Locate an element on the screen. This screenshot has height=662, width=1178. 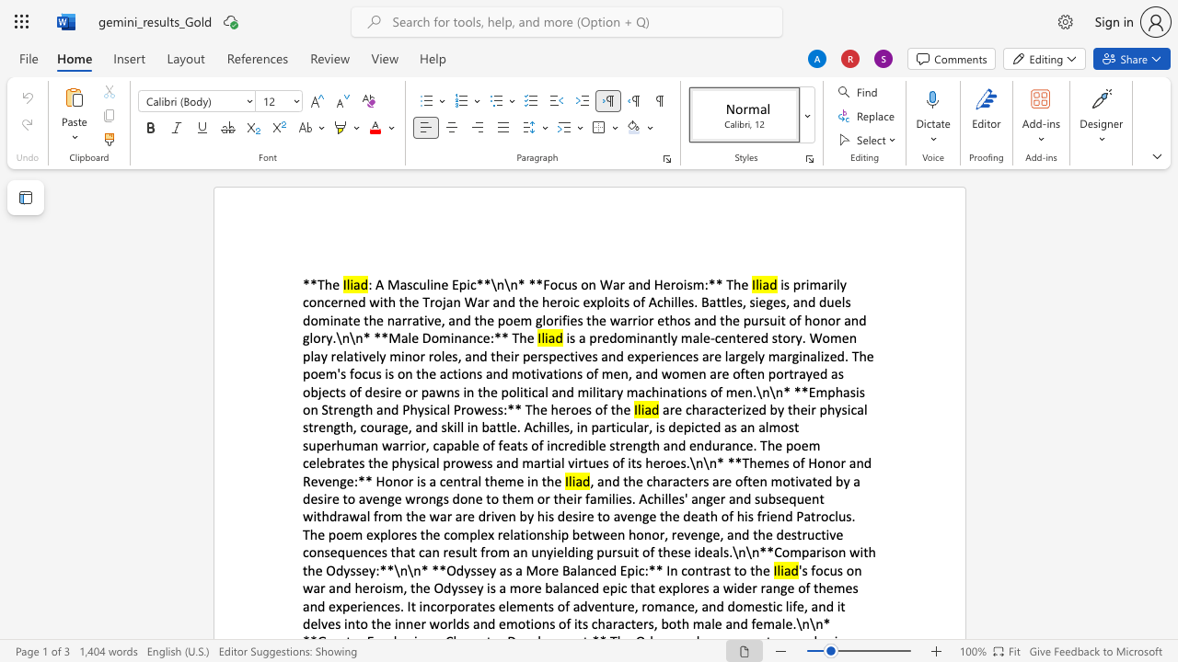
the 1th character "o" in the text is located at coordinates (678, 284).